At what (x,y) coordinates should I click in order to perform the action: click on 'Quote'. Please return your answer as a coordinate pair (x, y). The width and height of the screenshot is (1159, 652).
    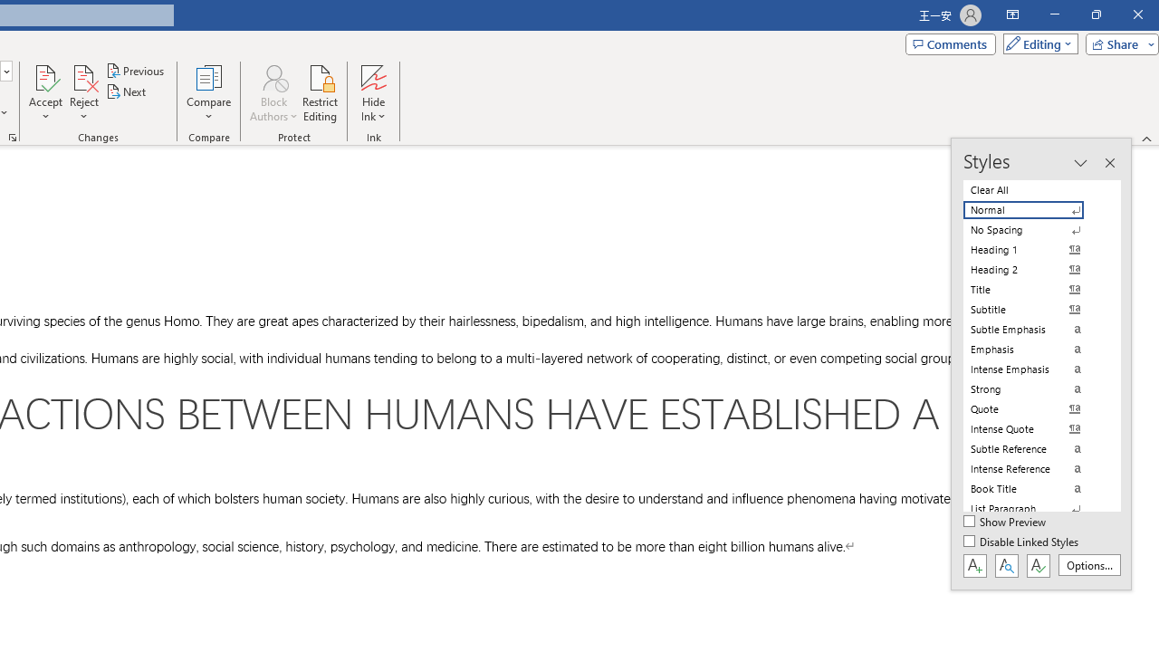
    Looking at the image, I should click on (1034, 408).